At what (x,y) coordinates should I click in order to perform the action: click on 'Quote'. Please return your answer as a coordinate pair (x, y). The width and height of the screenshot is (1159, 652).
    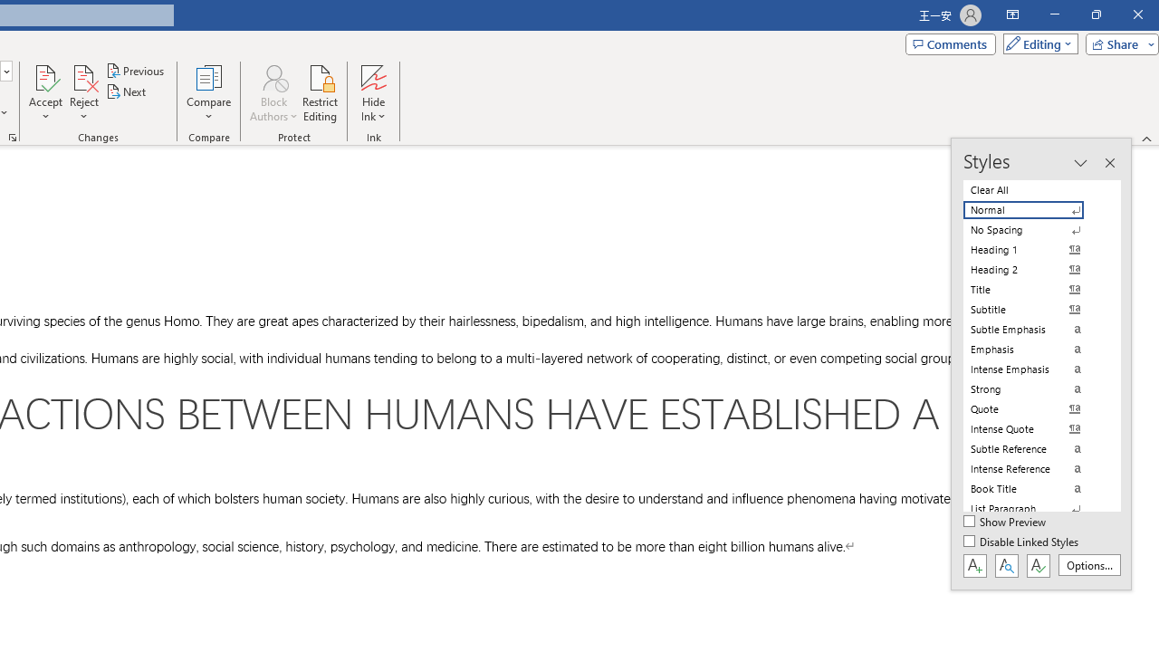
    Looking at the image, I should click on (1034, 408).